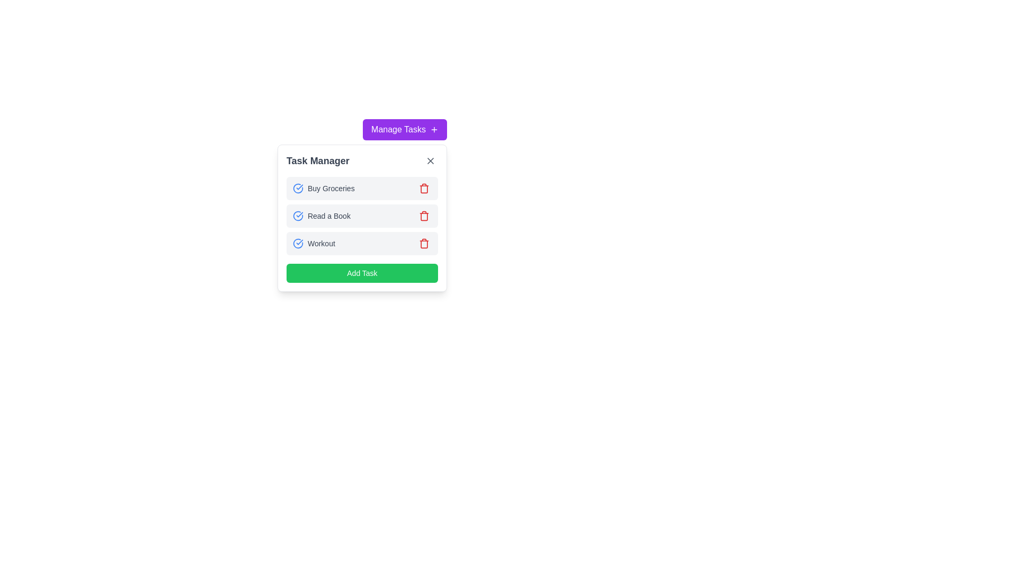  What do you see at coordinates (331, 187) in the screenshot?
I see `the 'Buy Groceries' text label, which is part of the first task item in the vertical task list of the 'Task Manager' modal` at bounding box center [331, 187].